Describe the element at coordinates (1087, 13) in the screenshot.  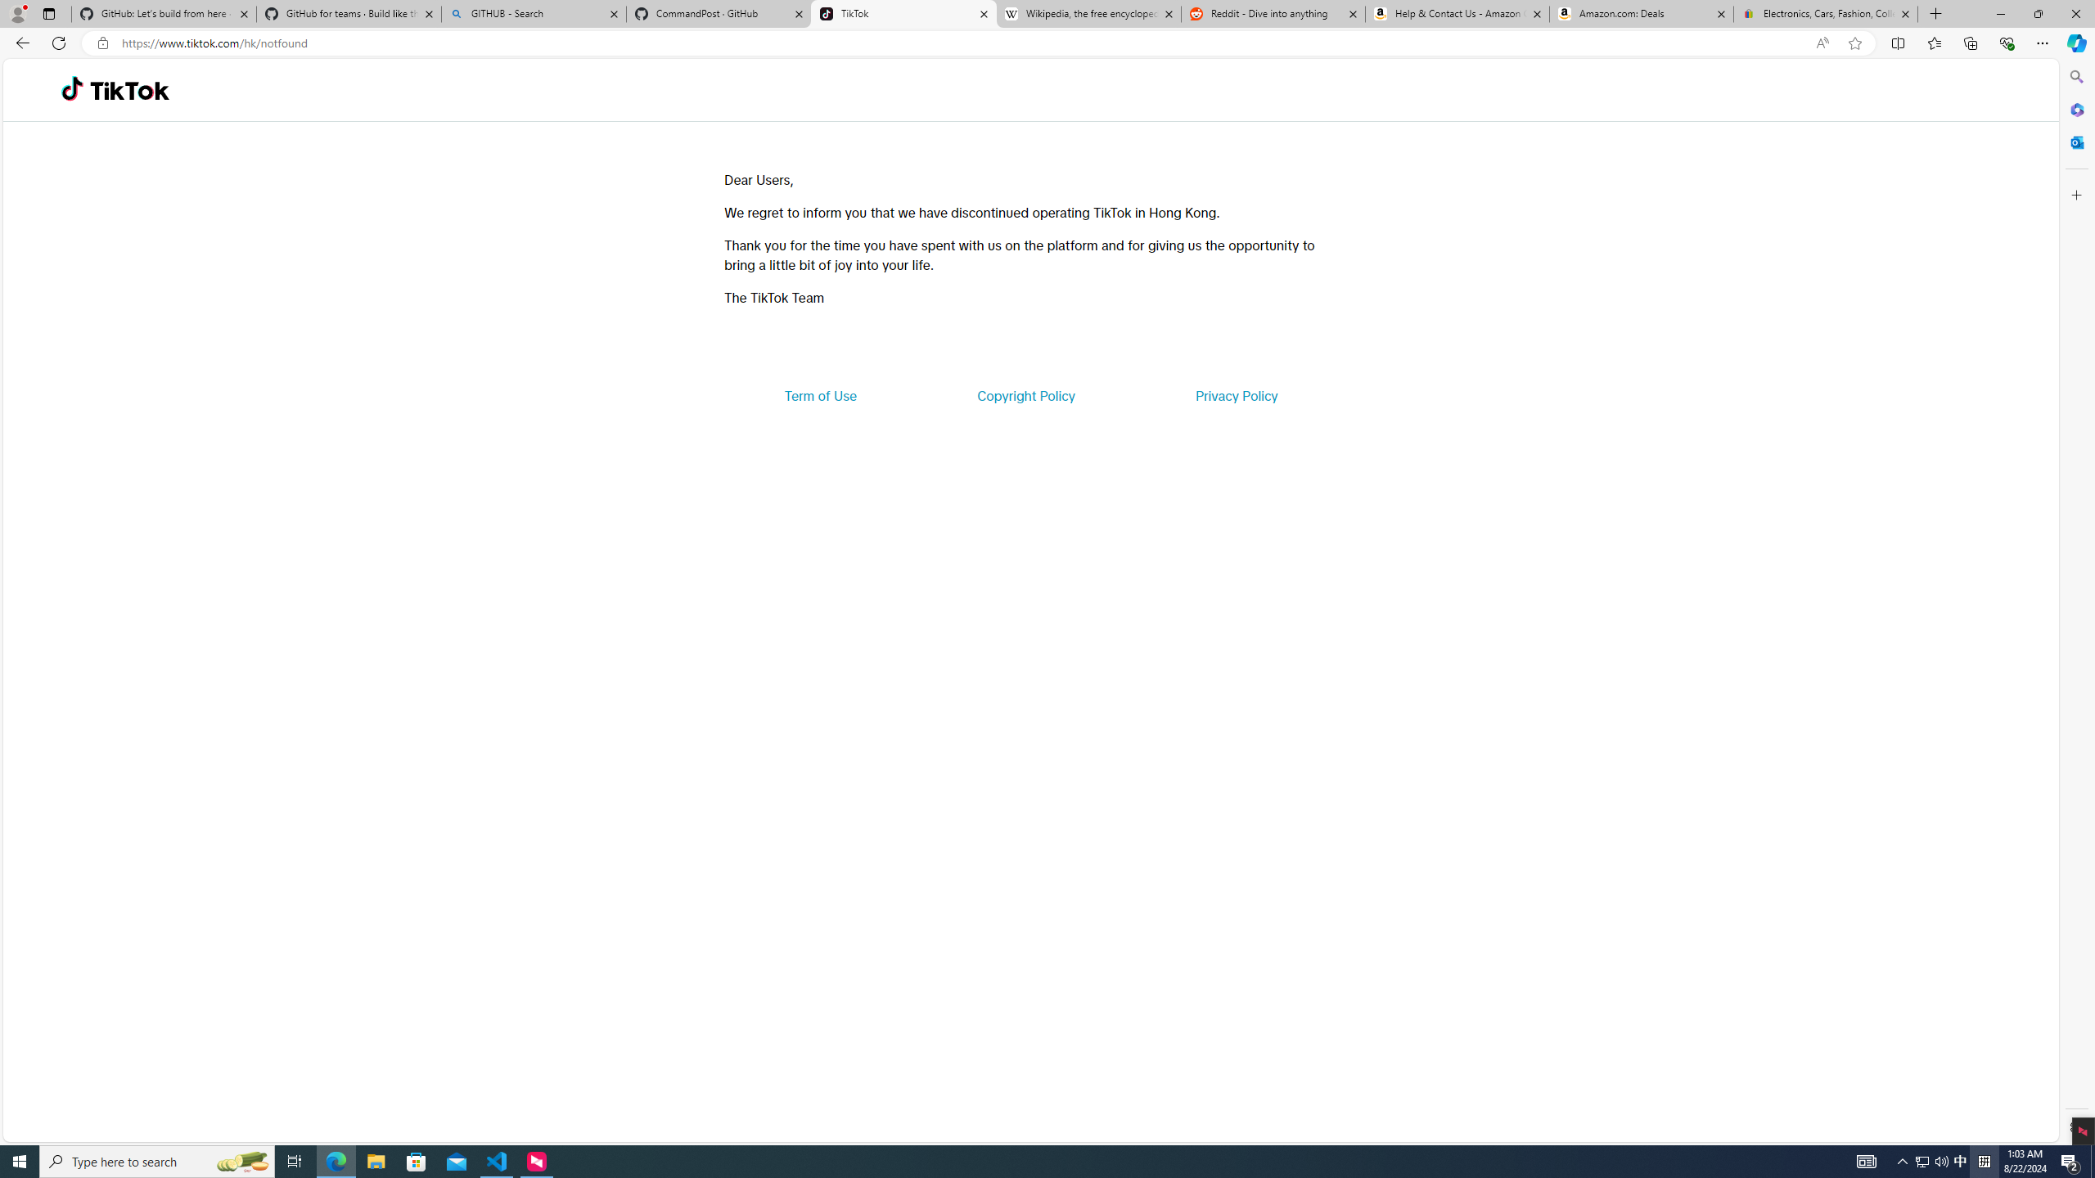
I see `'Wikipedia, the free encyclopedia'` at that location.